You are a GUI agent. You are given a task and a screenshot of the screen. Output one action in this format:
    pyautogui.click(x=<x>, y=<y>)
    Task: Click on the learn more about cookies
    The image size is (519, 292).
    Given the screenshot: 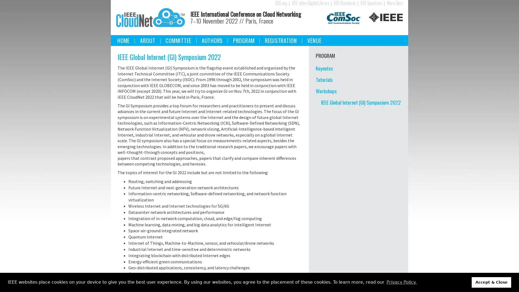 What is the action you would take?
    pyautogui.click(x=401, y=282)
    